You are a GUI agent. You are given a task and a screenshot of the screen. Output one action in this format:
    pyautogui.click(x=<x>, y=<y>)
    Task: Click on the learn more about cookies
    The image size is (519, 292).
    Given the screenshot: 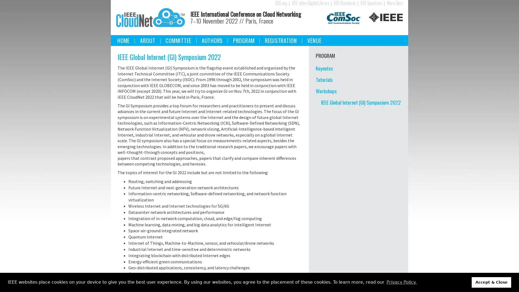 What is the action you would take?
    pyautogui.click(x=401, y=282)
    